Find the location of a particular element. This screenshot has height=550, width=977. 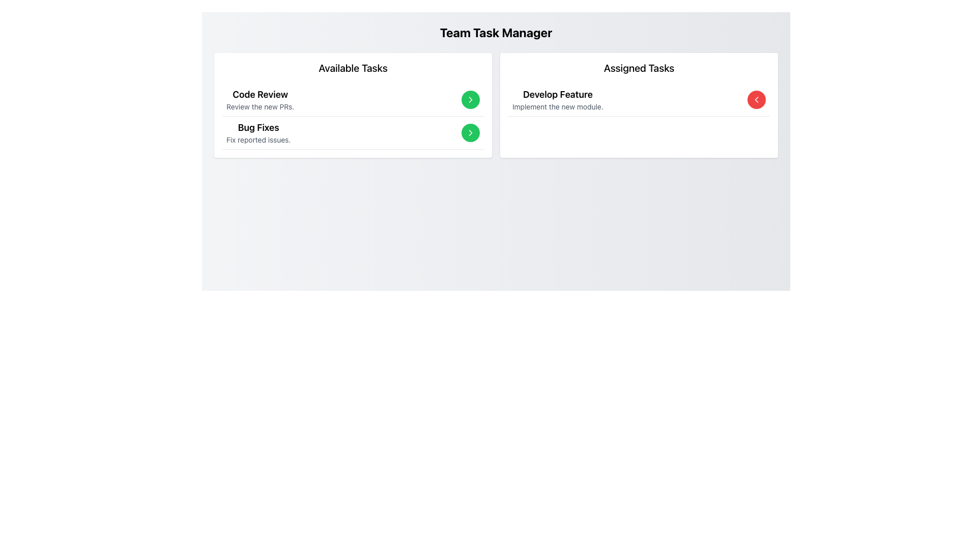

the left-pointing chevron icon within the circular button located in the 'Assigned Tasks' section, aligned with the 'Develop Feature' task is located at coordinates (757, 100).